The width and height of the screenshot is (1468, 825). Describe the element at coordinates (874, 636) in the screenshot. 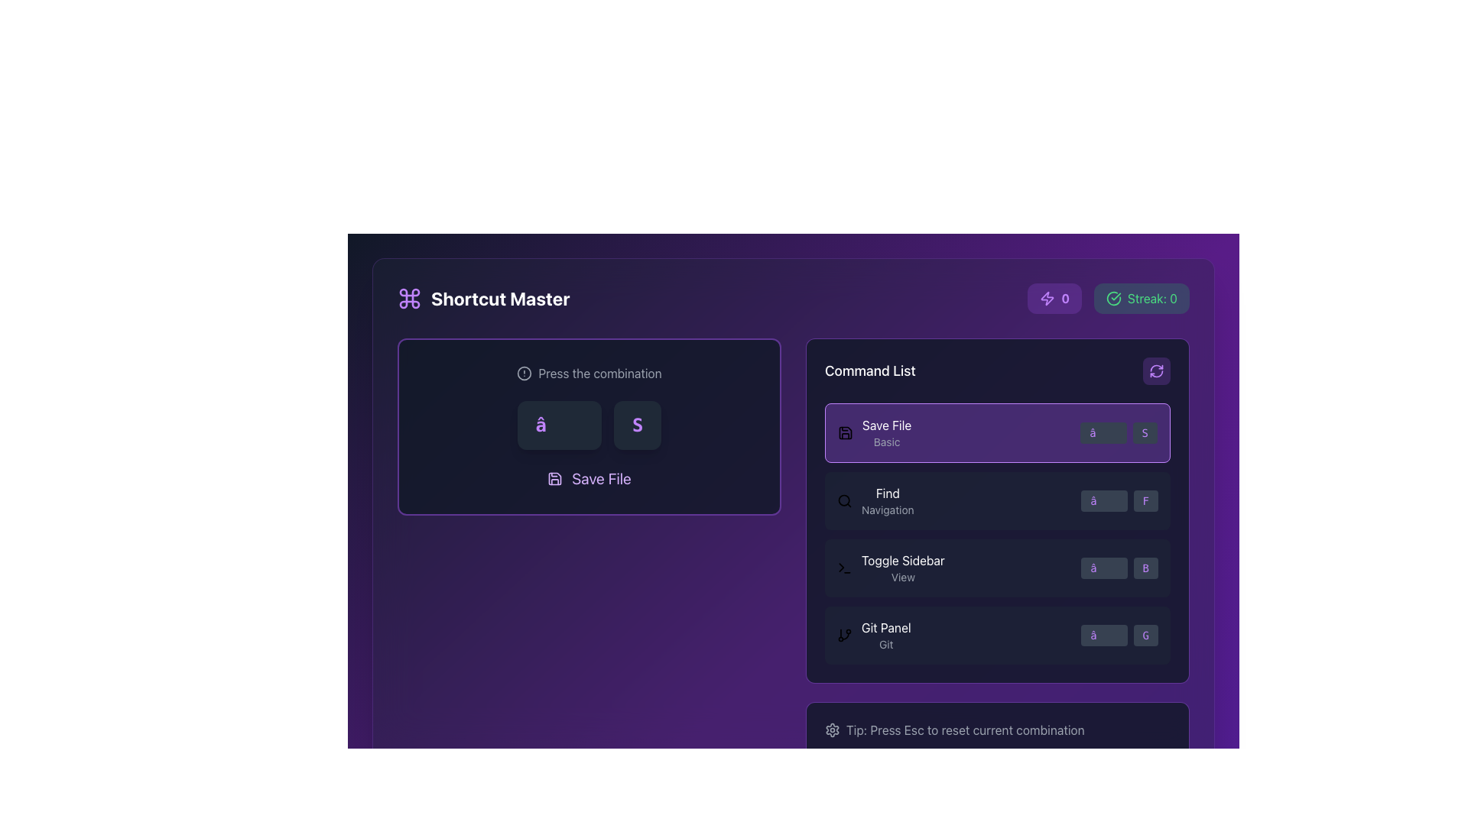

I see `the 'Git Panel' Interactive Label with Icon, which displays 'Git Panel' in white above 'Git' in smaller gray font, located in the fourth row of the 'Command List' section on the right side of the interface` at that location.